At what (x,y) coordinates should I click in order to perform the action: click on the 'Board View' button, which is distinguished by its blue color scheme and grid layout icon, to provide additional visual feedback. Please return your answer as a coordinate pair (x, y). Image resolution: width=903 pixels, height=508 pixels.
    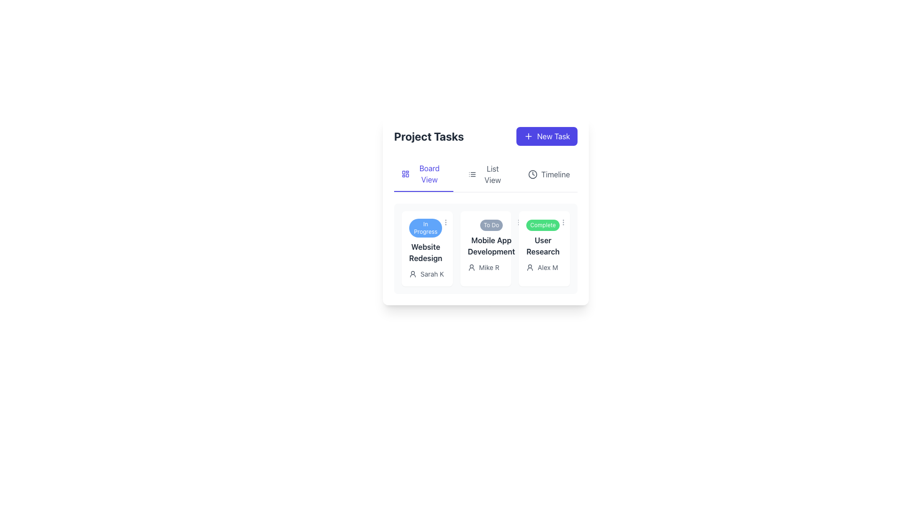
    Looking at the image, I should click on (423, 174).